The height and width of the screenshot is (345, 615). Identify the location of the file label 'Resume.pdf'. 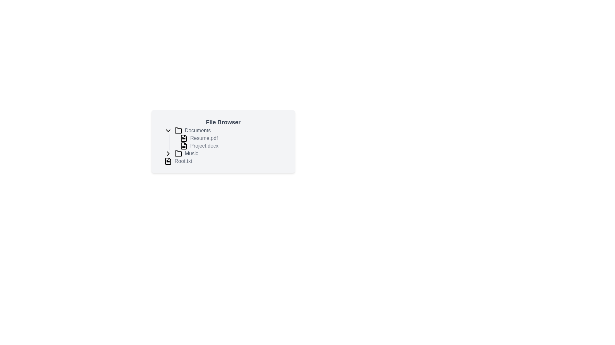
(198, 138).